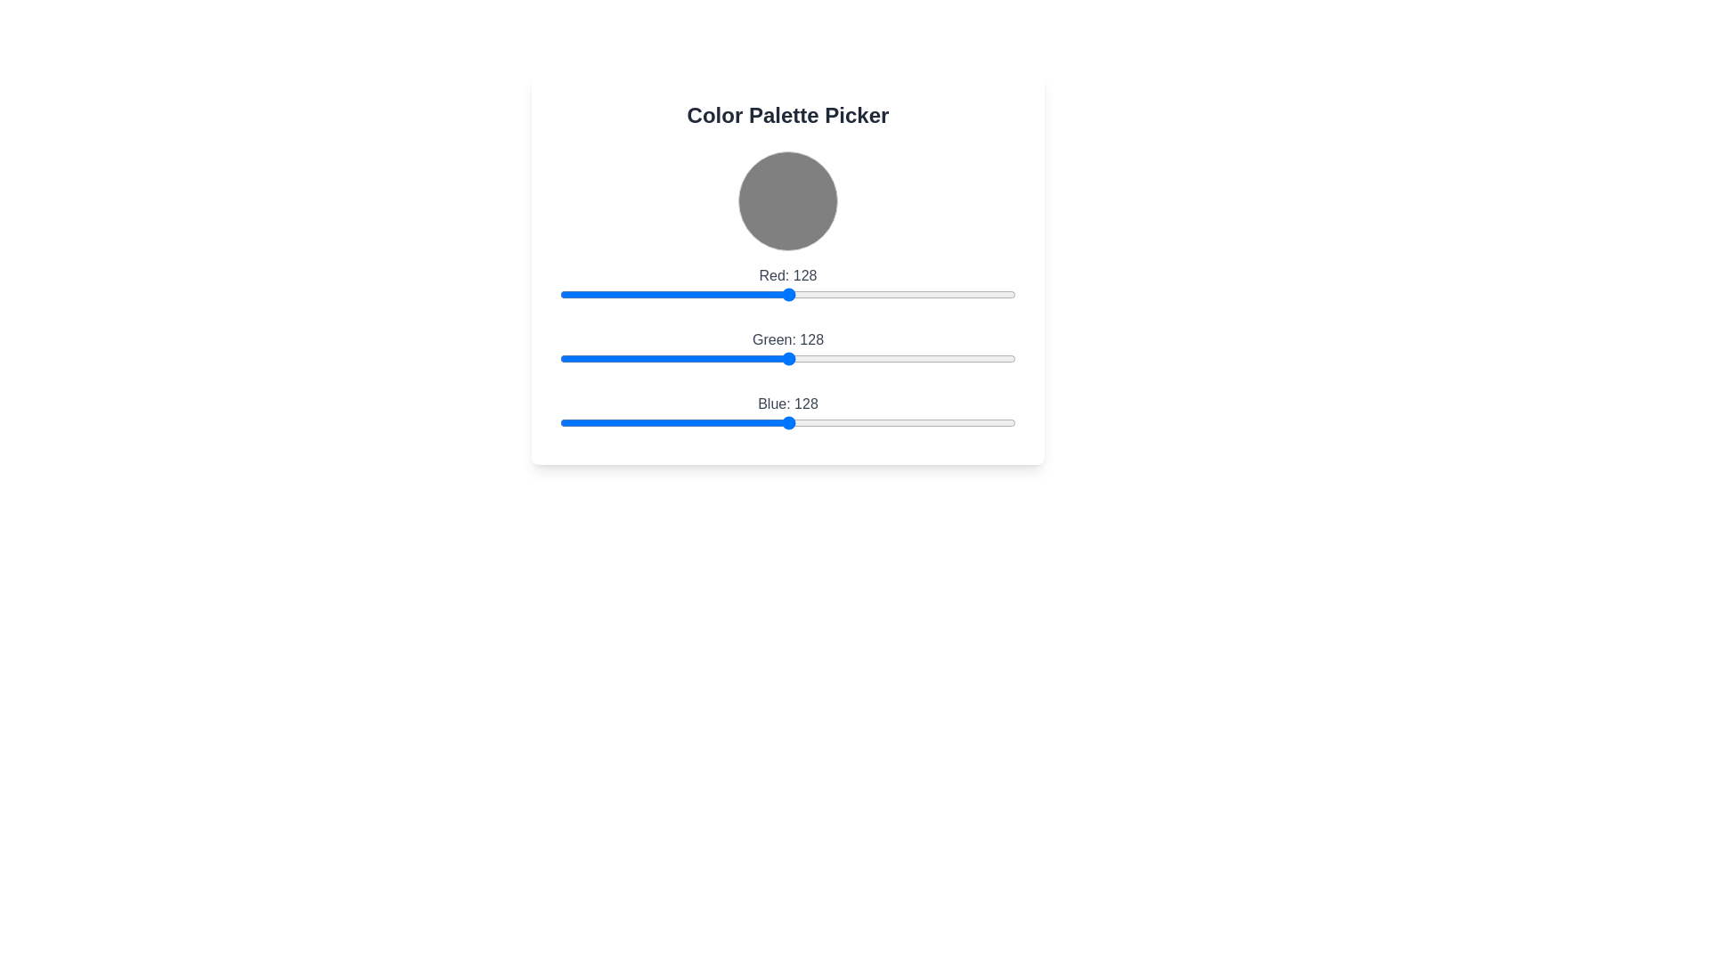  I want to click on the green color value, so click(882, 358).